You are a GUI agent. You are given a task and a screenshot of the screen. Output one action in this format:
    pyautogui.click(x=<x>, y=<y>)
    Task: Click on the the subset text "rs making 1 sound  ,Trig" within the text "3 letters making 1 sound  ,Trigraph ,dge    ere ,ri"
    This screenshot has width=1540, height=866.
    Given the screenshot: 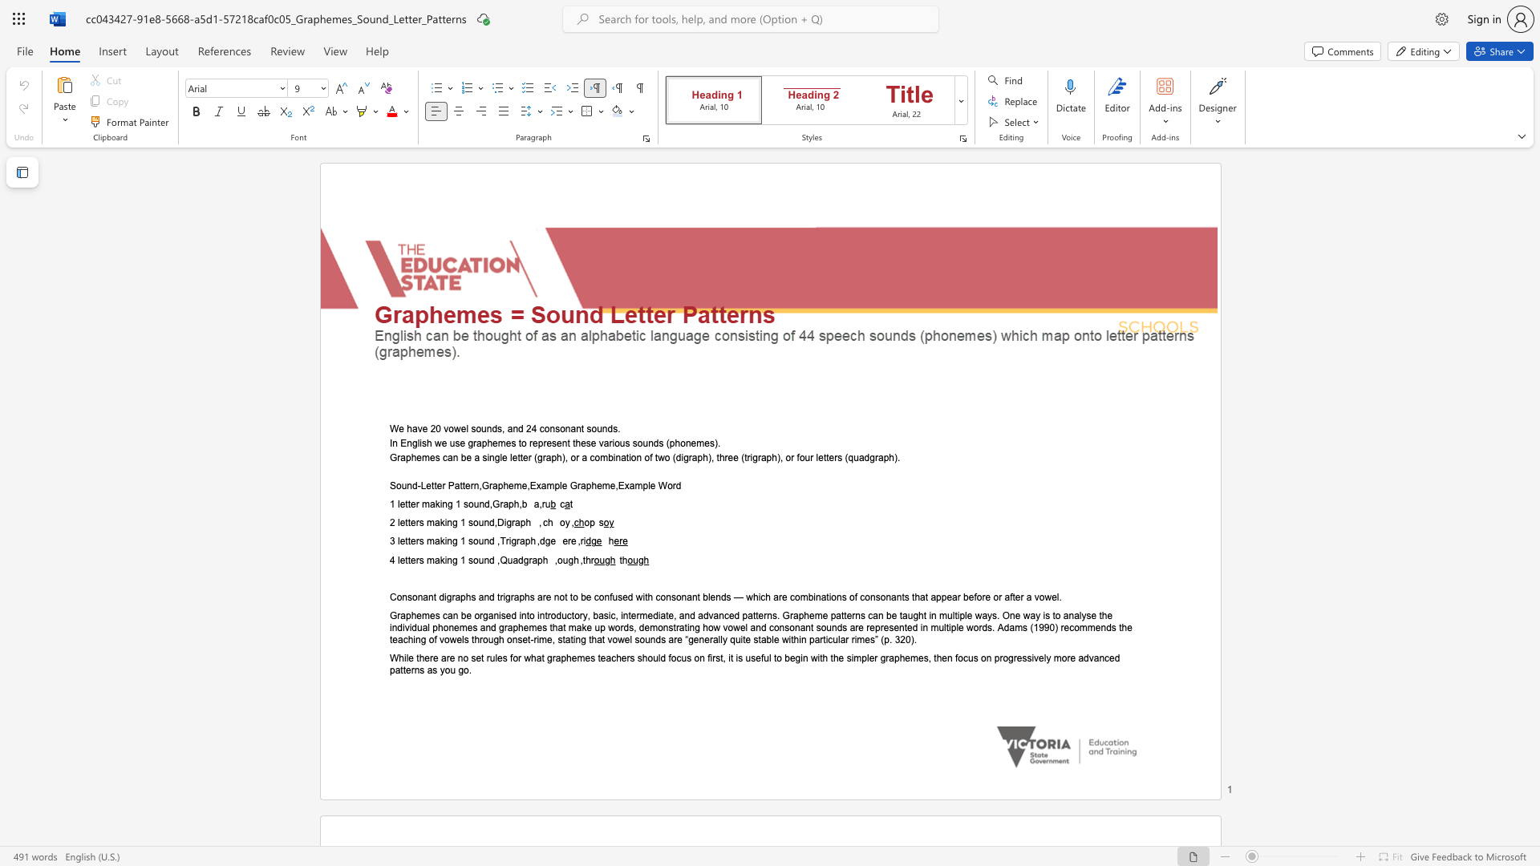 What is the action you would take?
    pyautogui.click(x=415, y=541)
    